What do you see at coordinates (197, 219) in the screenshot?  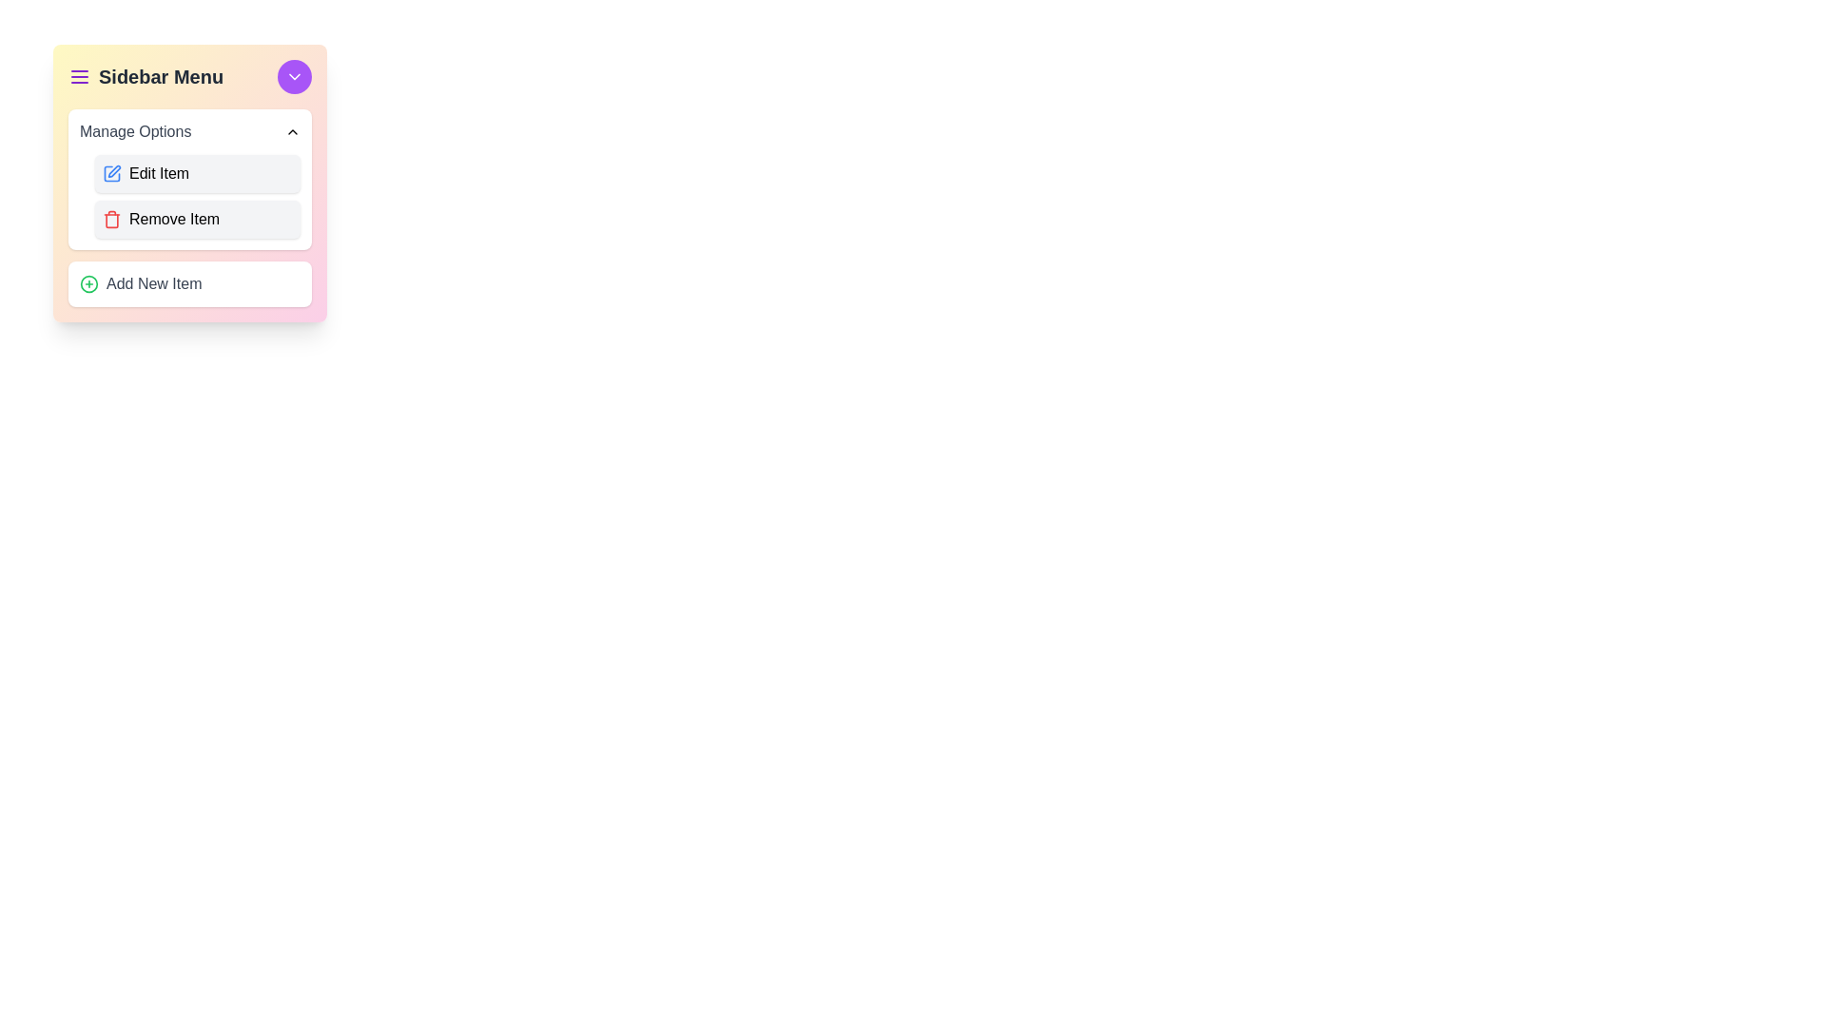 I see `the 'Remove Item' button, which is a rectangular button with a black 'Remove Item' text and a red trash bin icon, located in the 'Manage Options' section below the 'Edit Item' button` at bounding box center [197, 219].